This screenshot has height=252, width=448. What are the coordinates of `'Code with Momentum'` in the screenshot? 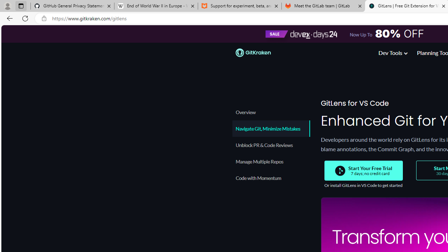 It's located at (271, 177).